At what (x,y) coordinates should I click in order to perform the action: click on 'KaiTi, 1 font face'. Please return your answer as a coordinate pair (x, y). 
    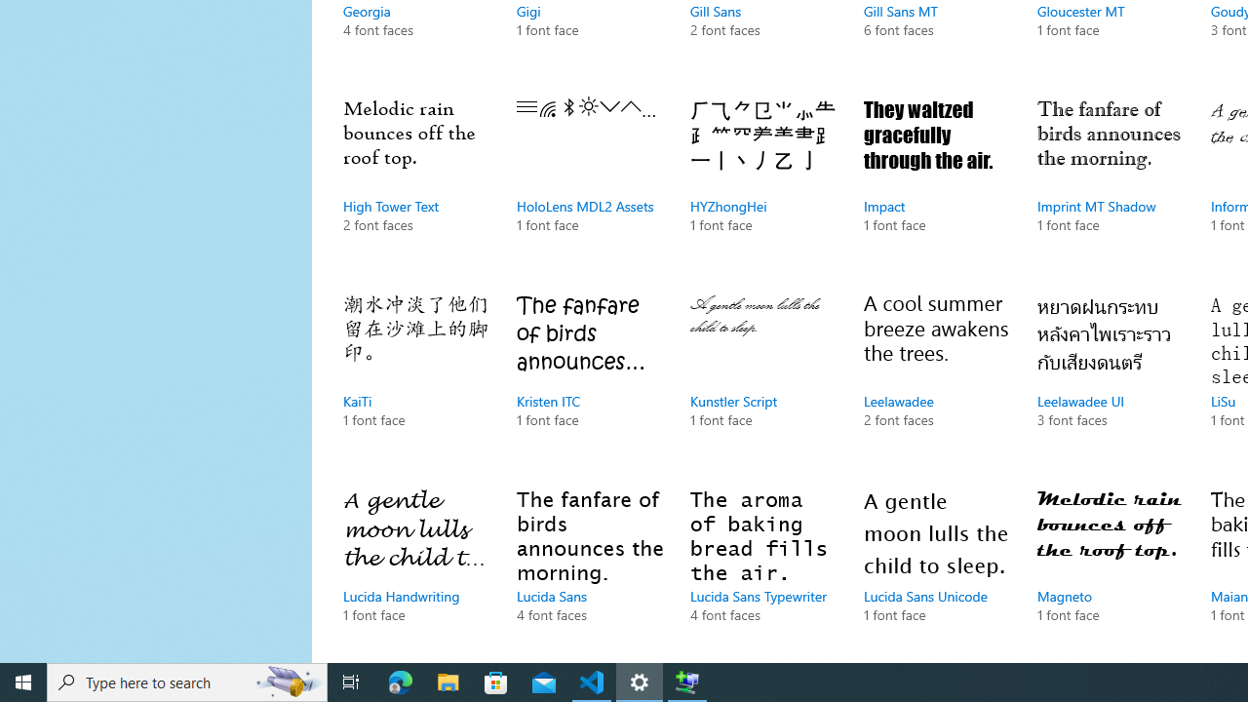
    Looking at the image, I should click on (414, 380).